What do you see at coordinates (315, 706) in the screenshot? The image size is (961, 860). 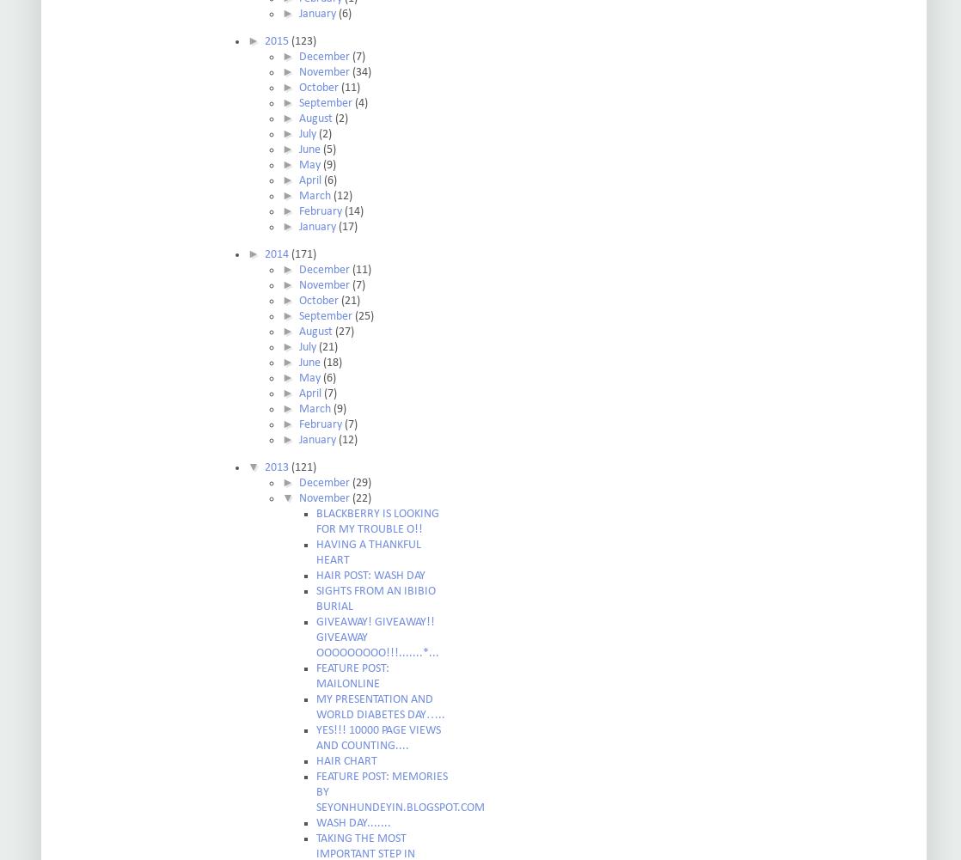 I see `'MY PRESENTATION AND WORLD DIABETES DAY…..'` at bounding box center [315, 706].